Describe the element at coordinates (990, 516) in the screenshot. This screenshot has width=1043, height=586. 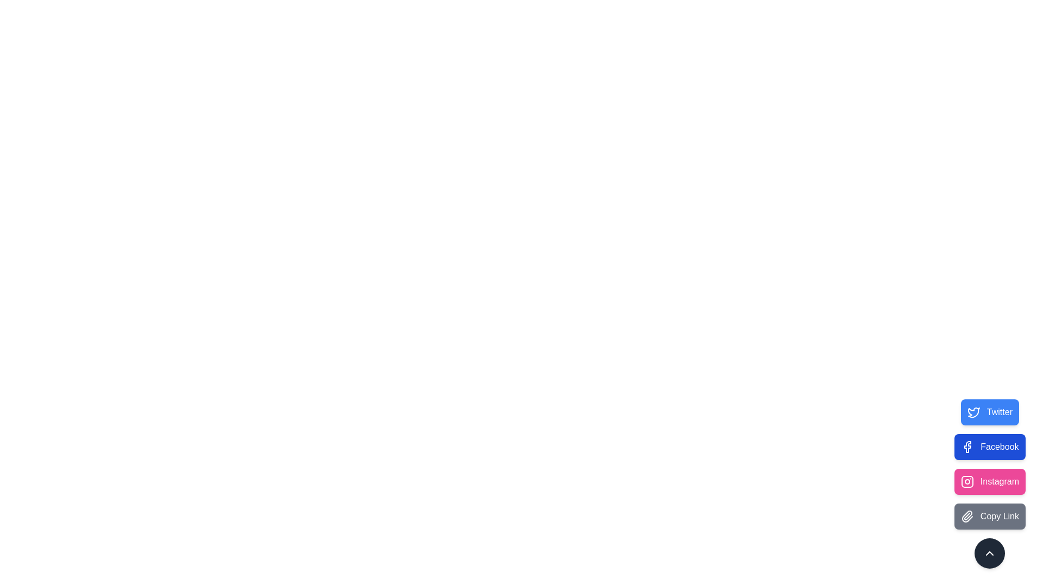
I see `the Copy Link button to perform the corresponding action` at that location.